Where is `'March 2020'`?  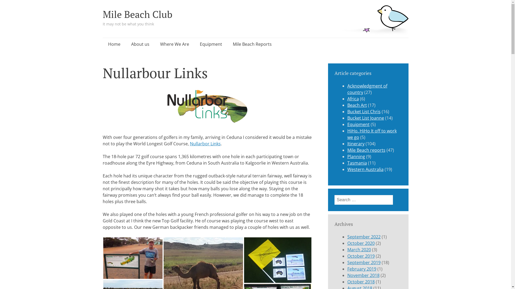
'March 2020' is located at coordinates (359, 250).